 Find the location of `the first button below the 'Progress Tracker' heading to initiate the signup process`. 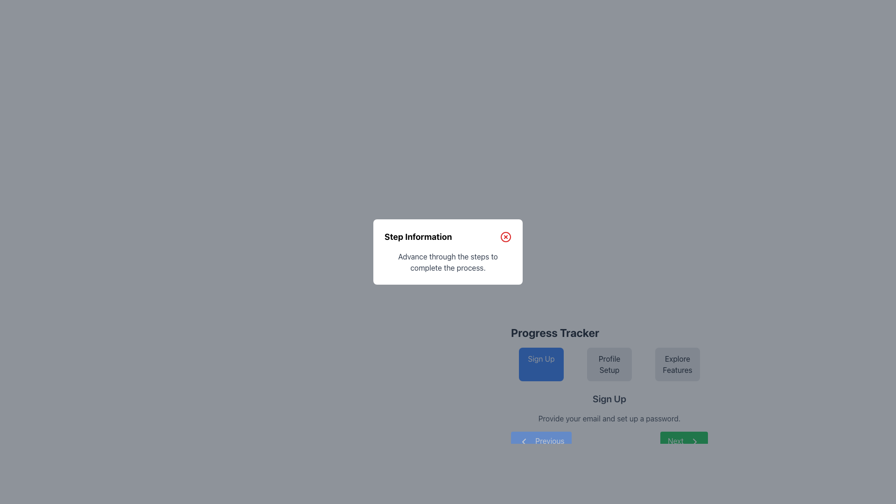

the first button below the 'Progress Tracker' heading to initiate the signup process is located at coordinates (541, 364).